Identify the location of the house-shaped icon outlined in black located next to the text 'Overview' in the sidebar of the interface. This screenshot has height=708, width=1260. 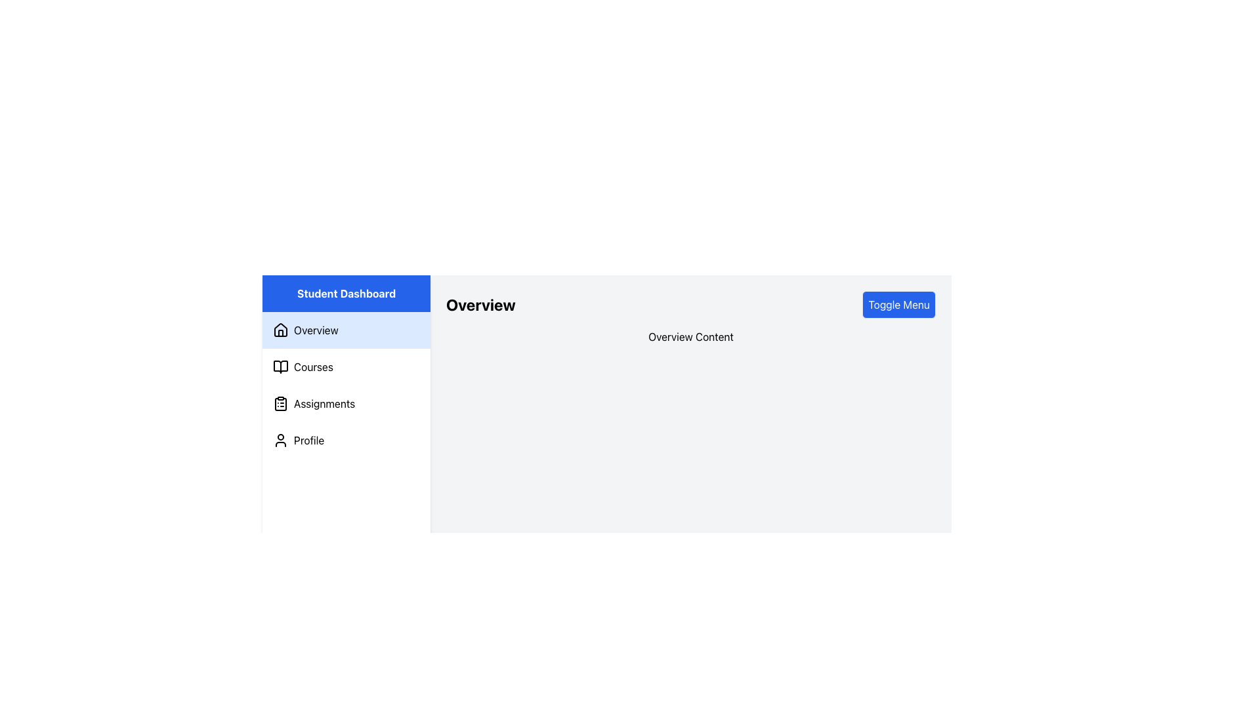
(280, 330).